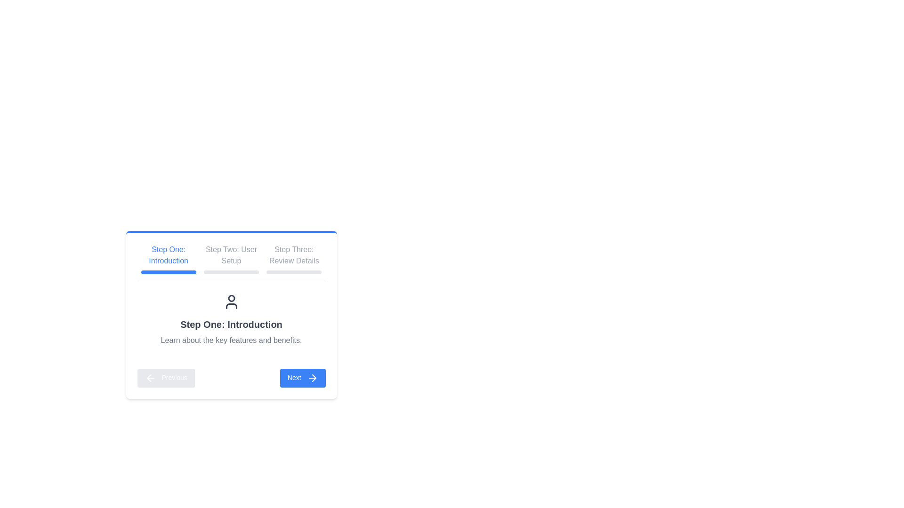  I want to click on the Informational section that features a centered icon and bold text stating 'Step One: Introduction' with a subtitle below it, positioned in the 'Step One' section of the panel layout, so click(231, 319).